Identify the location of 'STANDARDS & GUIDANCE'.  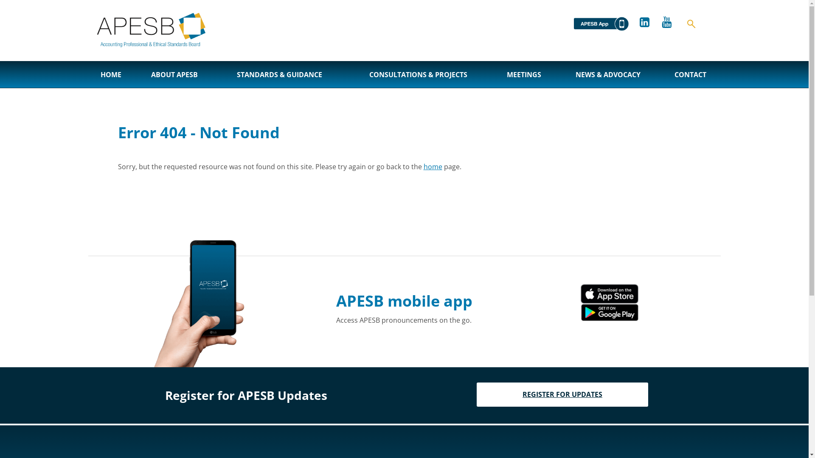
(279, 74).